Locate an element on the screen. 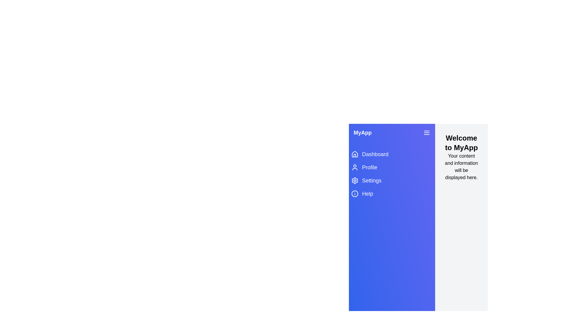 This screenshot has height=323, width=575. the 'Dashboard' menu item to navigate to the 'Dashboard' page is located at coordinates (392, 154).